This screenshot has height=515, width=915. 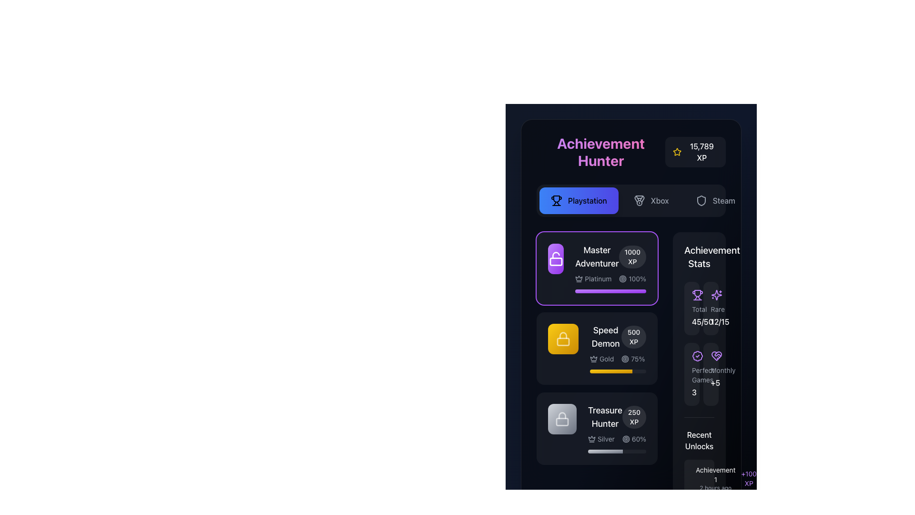 What do you see at coordinates (556, 200) in the screenshot?
I see `the trophy icon inside the 'playstation' button, which is located in the first row of options under the 'Achievement Hunter' header` at bounding box center [556, 200].